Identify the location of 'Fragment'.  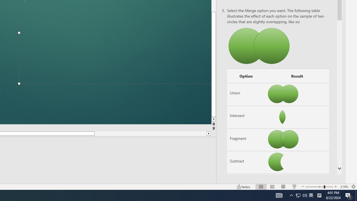
(245, 140).